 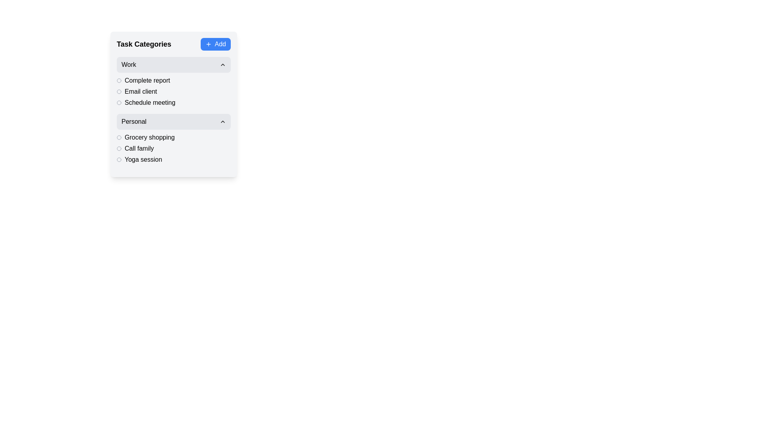 I want to click on the first radio button, so click(x=119, y=148).